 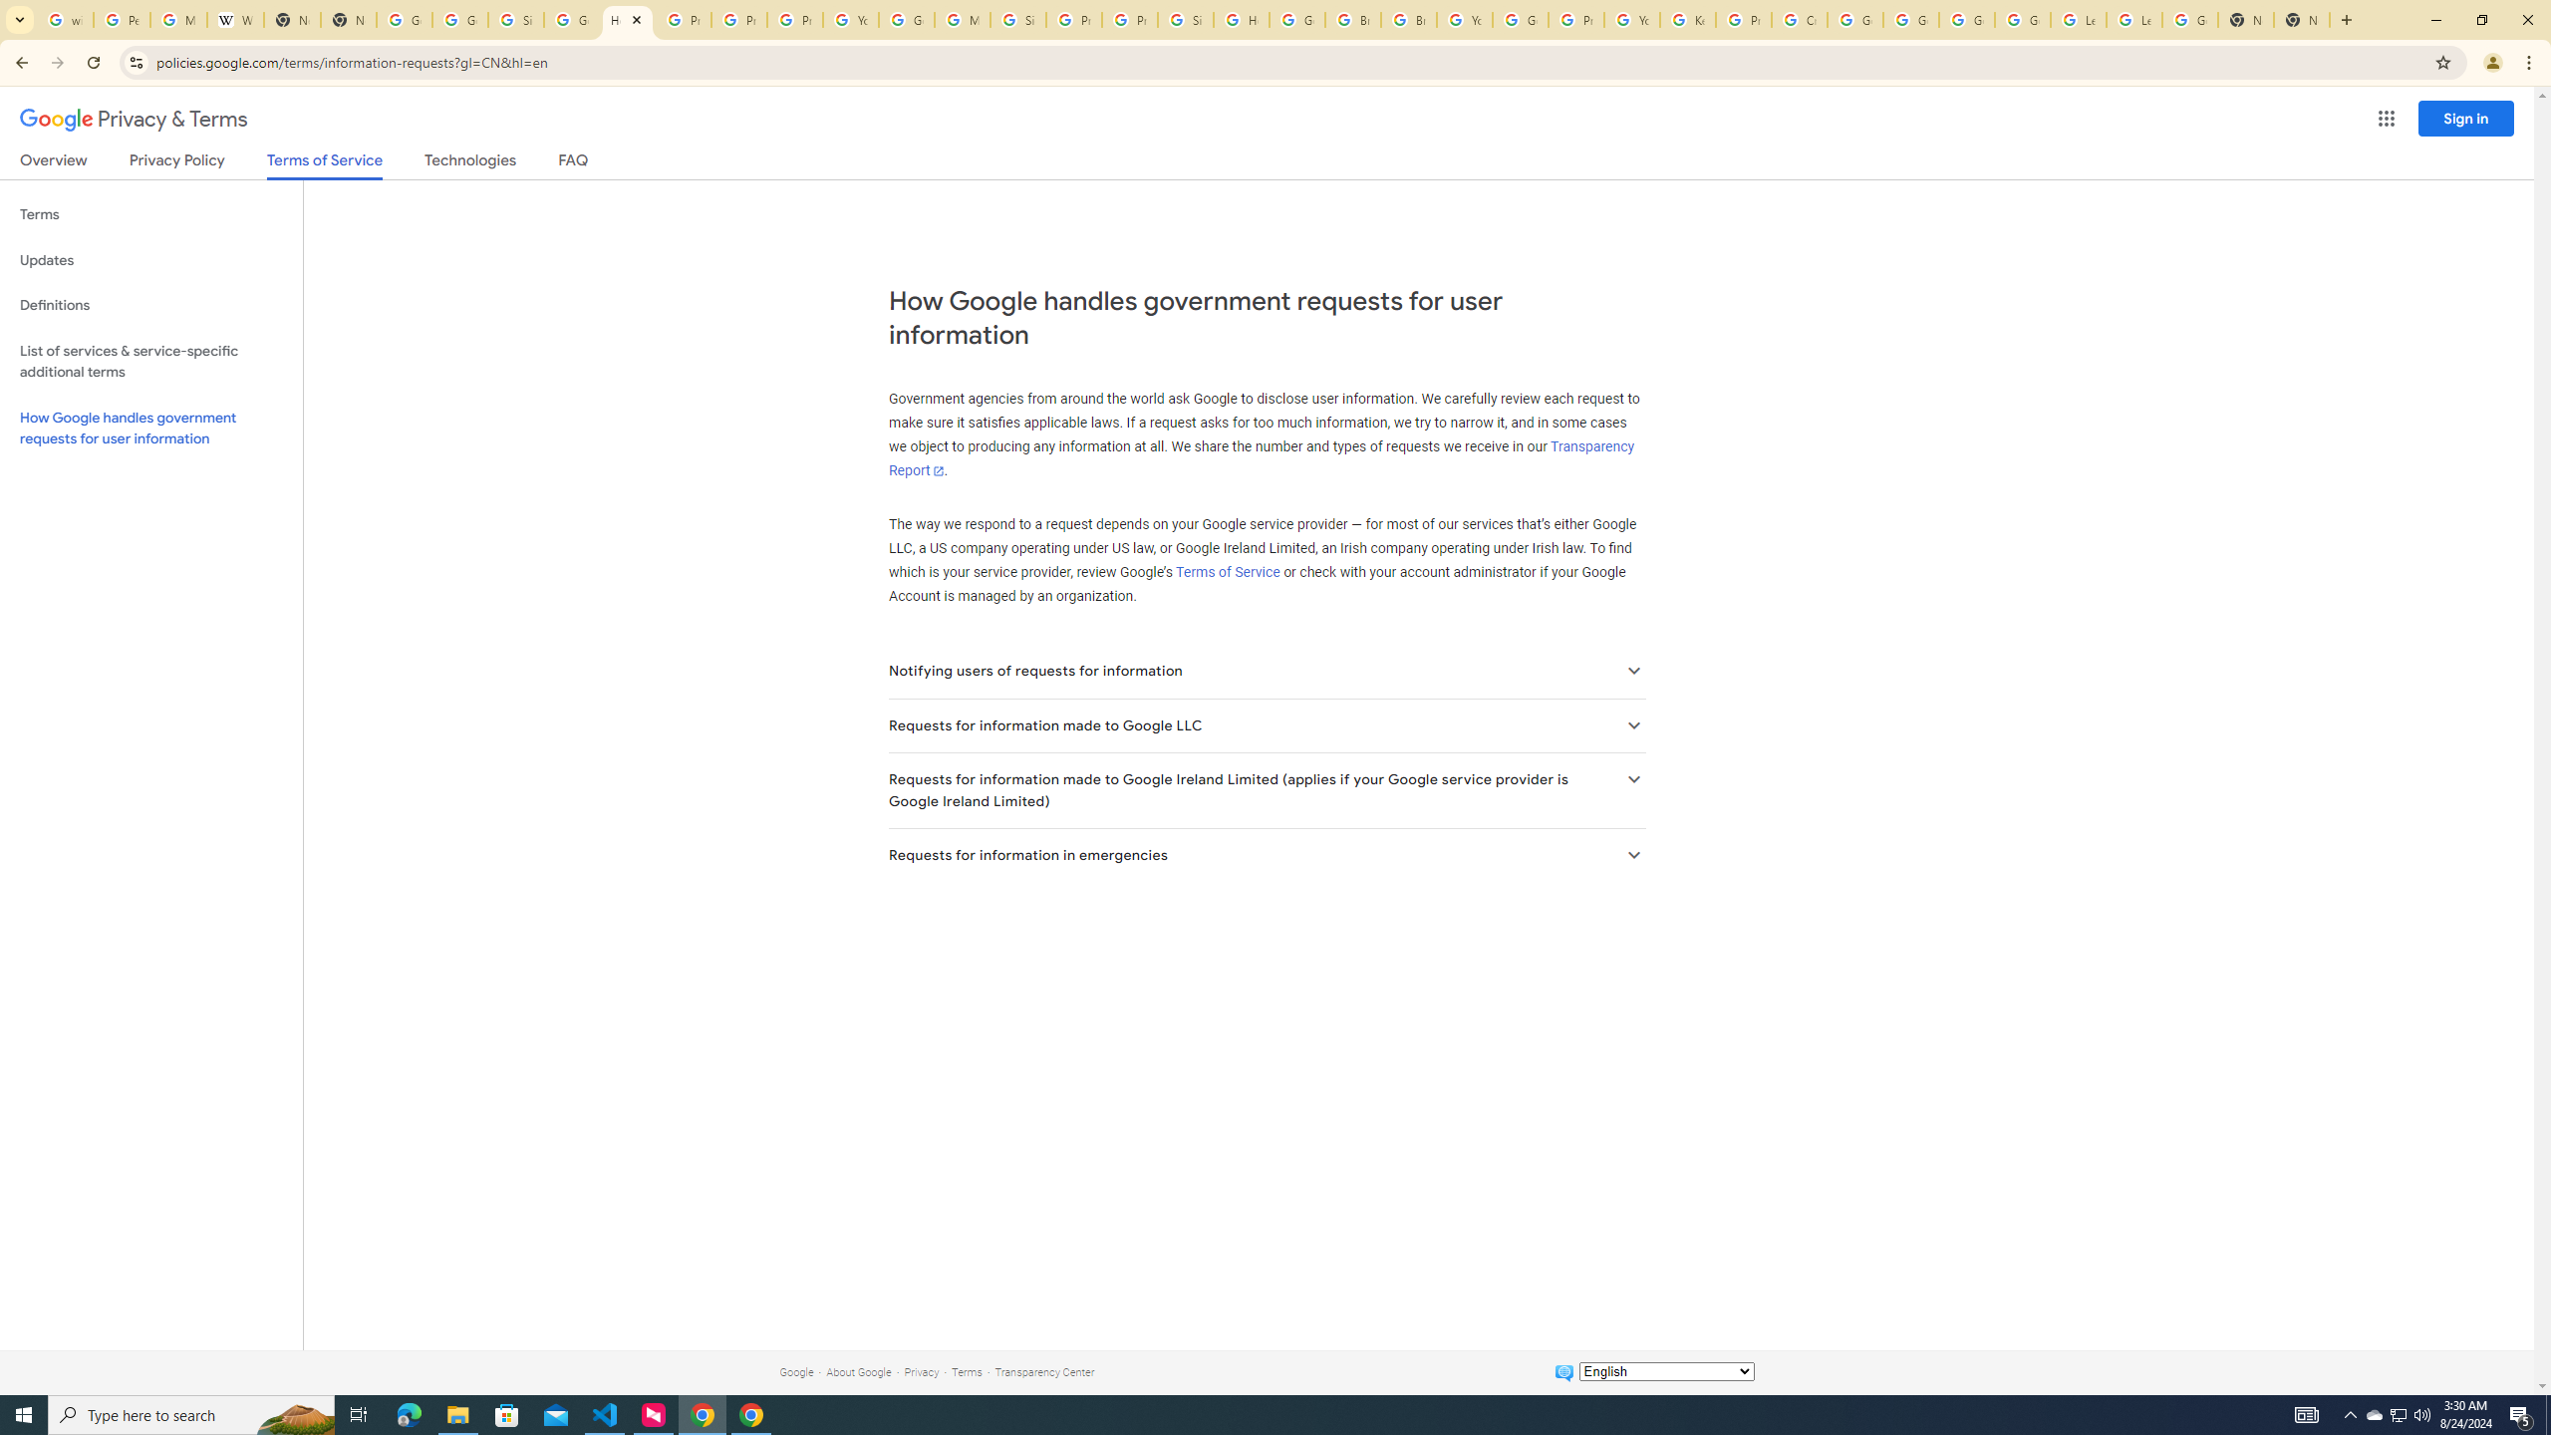 What do you see at coordinates (515, 19) in the screenshot?
I see `'Sign in - Google Accounts'` at bounding box center [515, 19].